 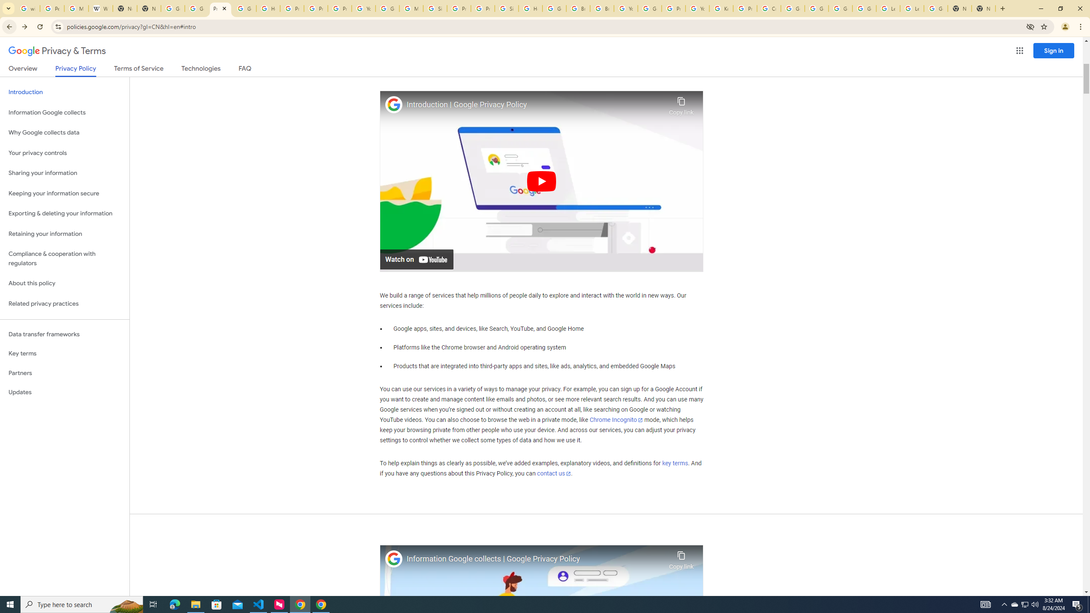 What do you see at coordinates (435, 8) in the screenshot?
I see `'Sign in - Google Accounts'` at bounding box center [435, 8].